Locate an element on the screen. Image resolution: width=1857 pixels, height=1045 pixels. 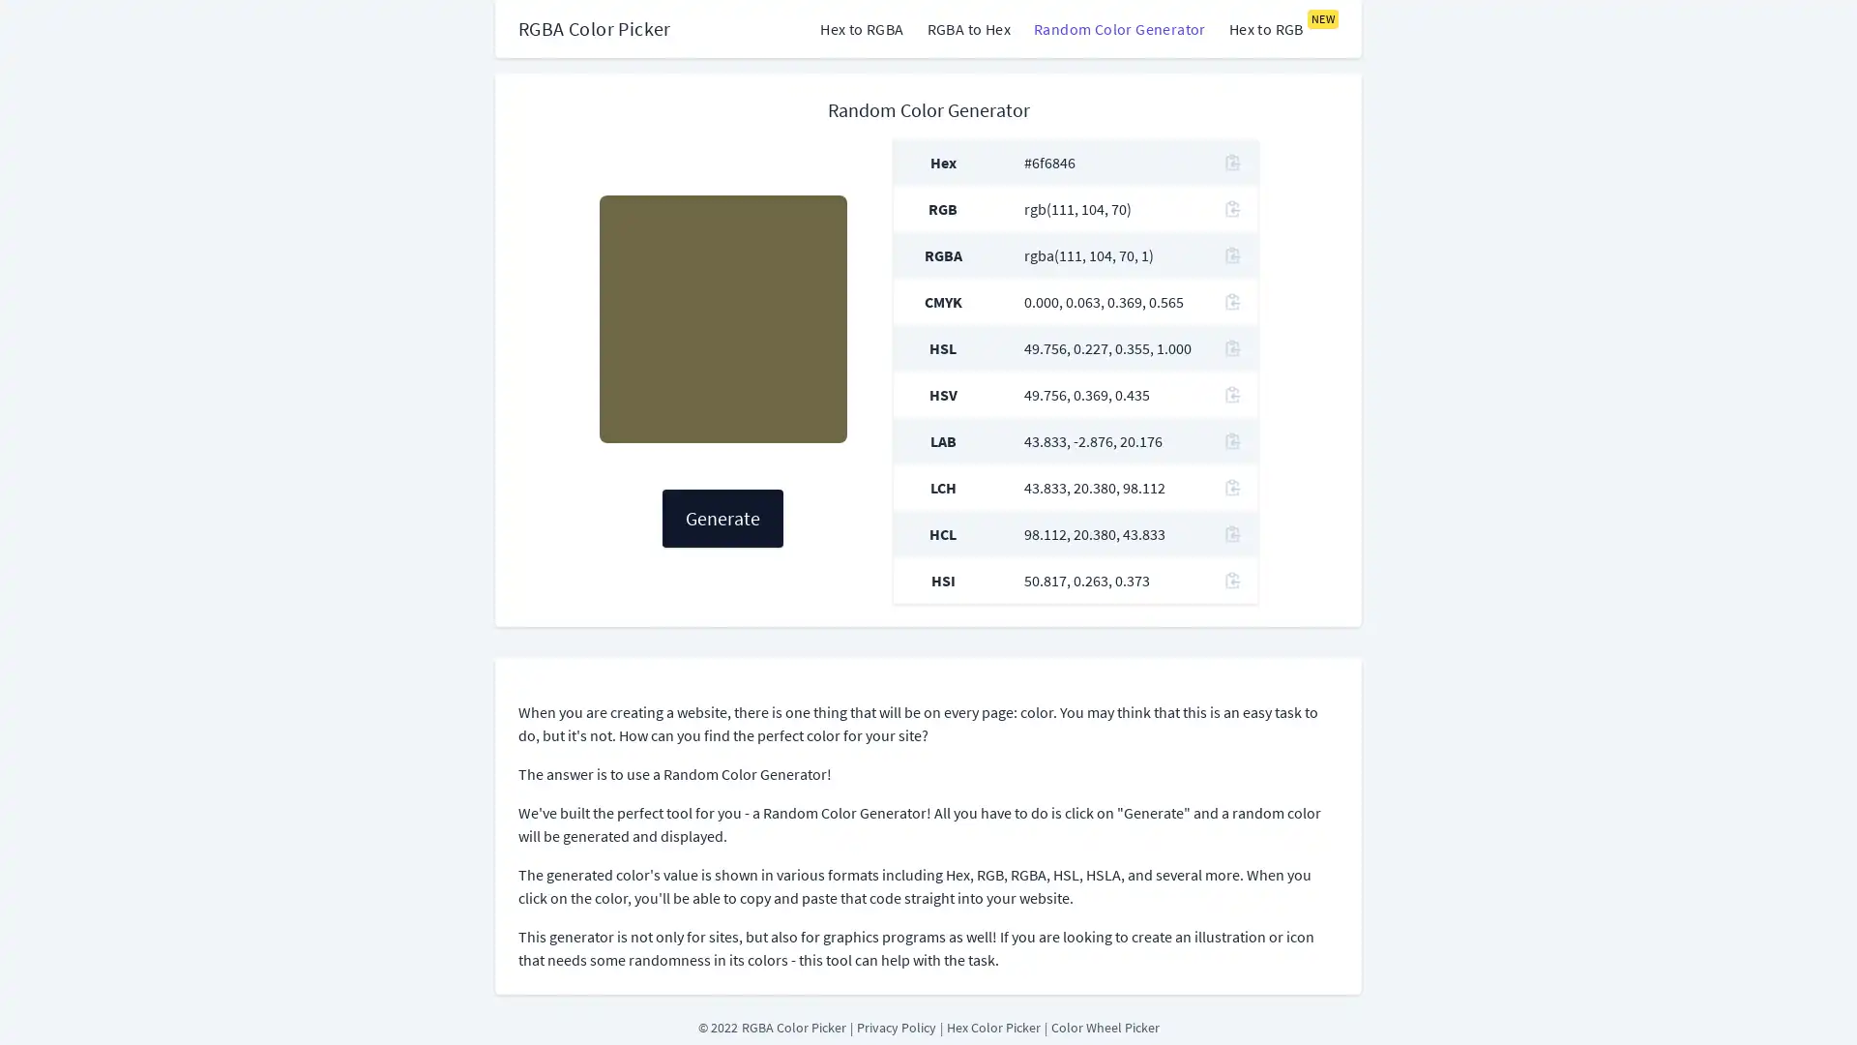
Generate is located at coordinates (722, 518).